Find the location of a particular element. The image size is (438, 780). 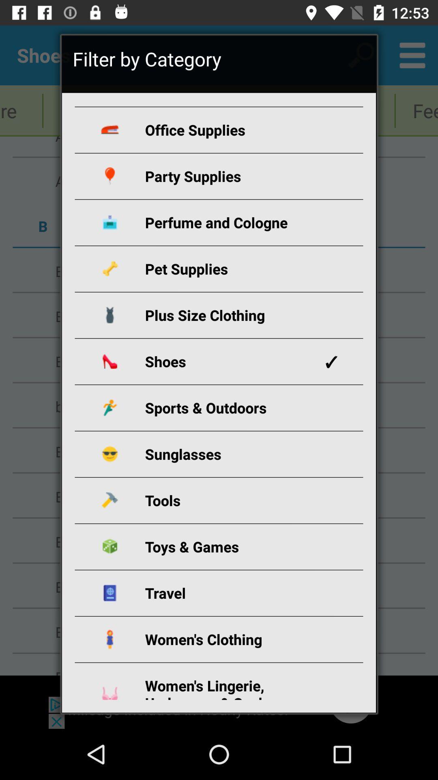

item next to shoes icon is located at coordinates (331, 361).